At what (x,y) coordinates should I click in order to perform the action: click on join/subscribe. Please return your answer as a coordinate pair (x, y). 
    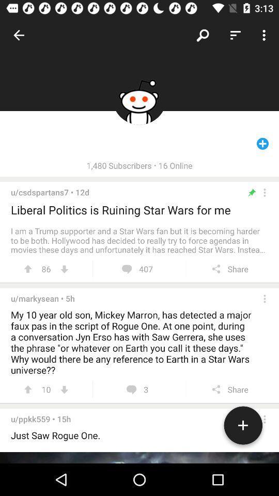
    Looking at the image, I should click on (243, 427).